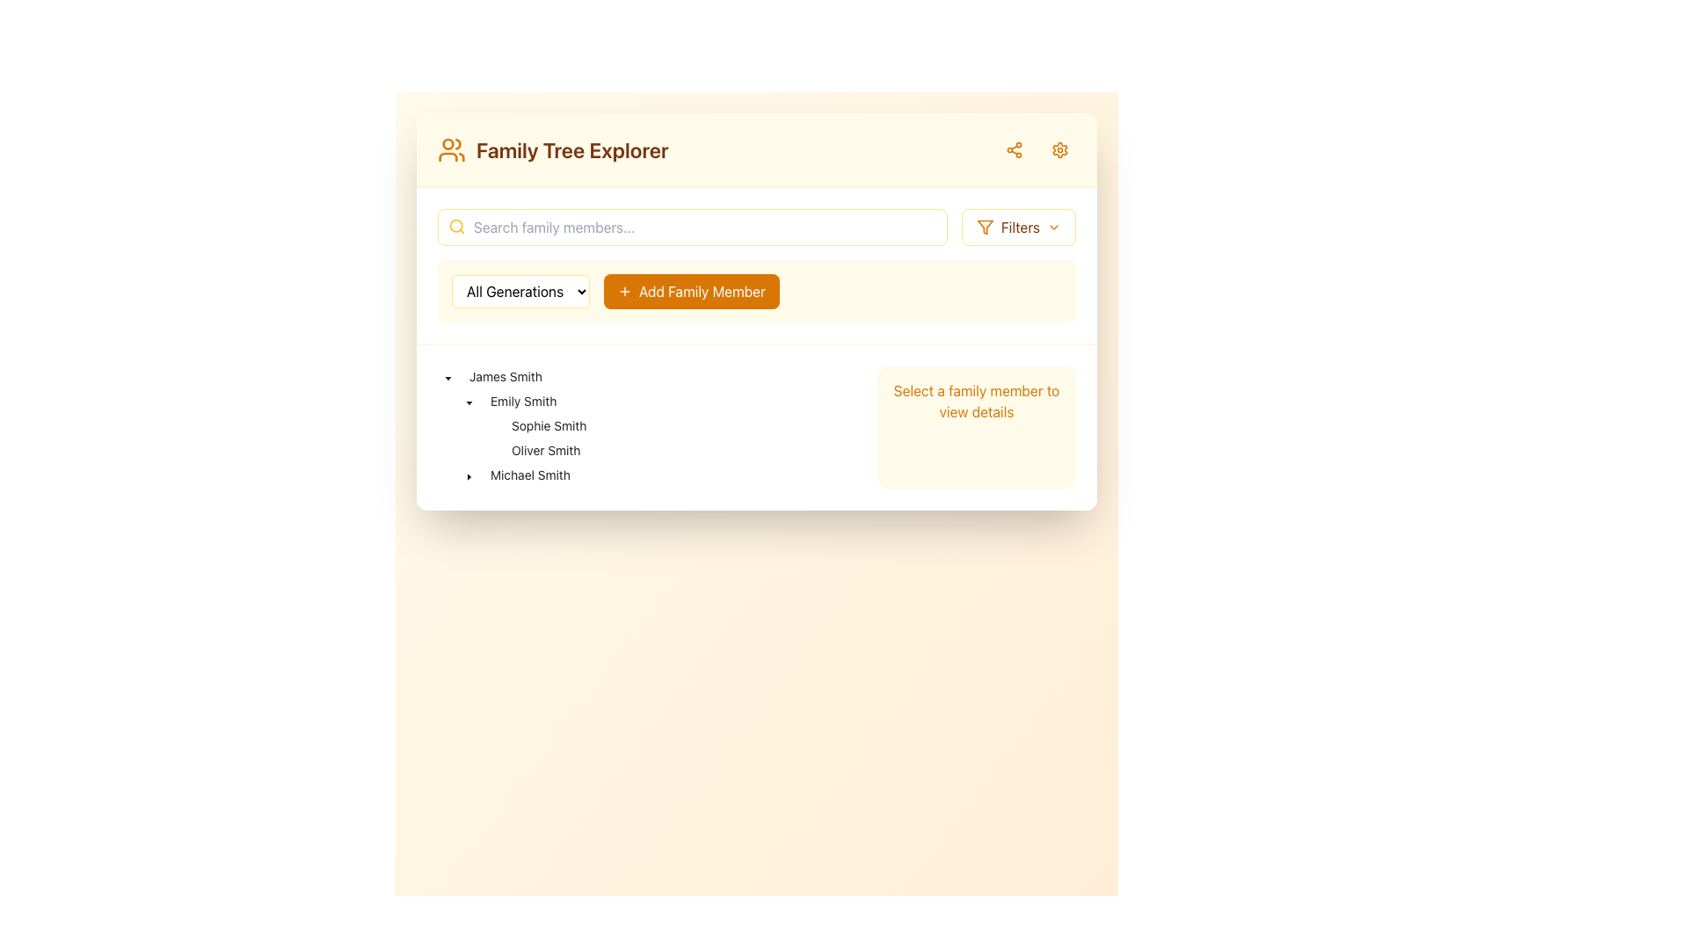 This screenshot has height=949, width=1688. What do you see at coordinates (1014, 149) in the screenshot?
I see `the share button located in the top-right corner of the interface, which is the first interactive item in the horizontal group of controls` at bounding box center [1014, 149].